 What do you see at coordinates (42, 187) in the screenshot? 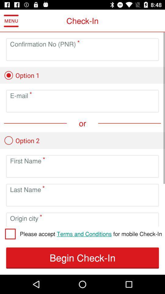
I see `move to  right to lsat name` at bounding box center [42, 187].